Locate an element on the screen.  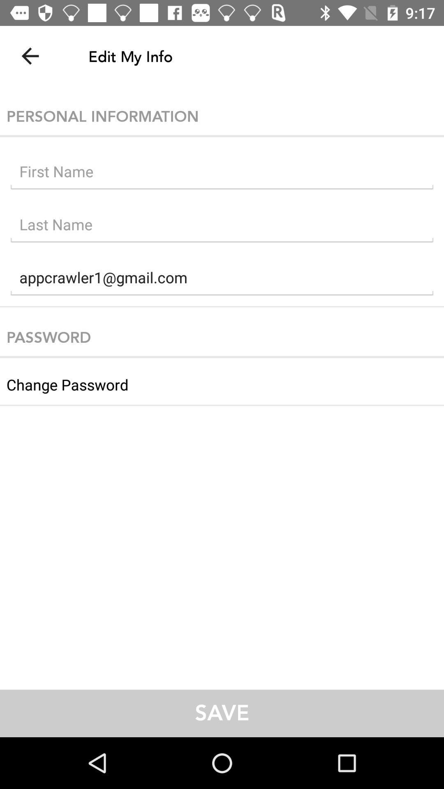
icon next to the edit my info item is located at coordinates (30, 55).